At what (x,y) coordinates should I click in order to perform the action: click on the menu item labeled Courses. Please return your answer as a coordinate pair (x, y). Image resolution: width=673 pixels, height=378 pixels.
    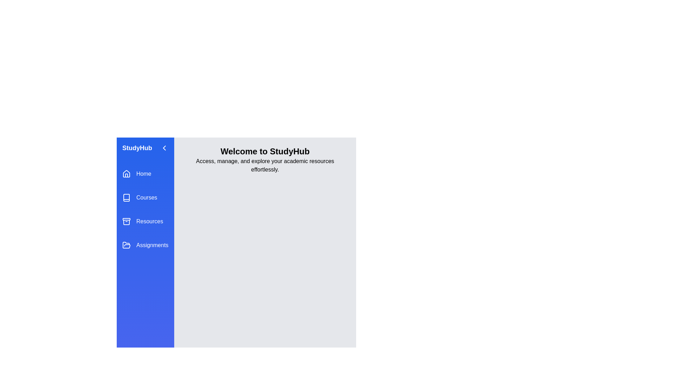
    Looking at the image, I should click on (145, 197).